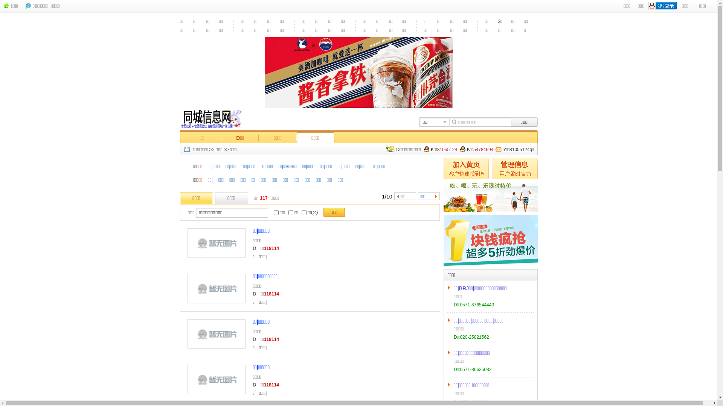 Image resolution: width=723 pixels, height=406 pixels. What do you see at coordinates (483, 160) in the screenshot?
I see `'54784694'` at bounding box center [483, 160].